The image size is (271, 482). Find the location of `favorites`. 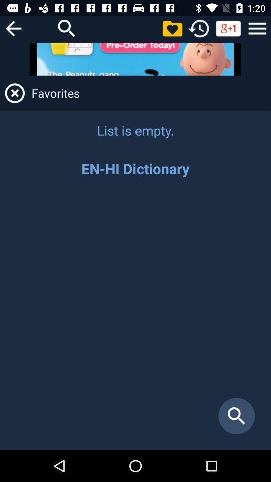

favorites is located at coordinates (14, 93).